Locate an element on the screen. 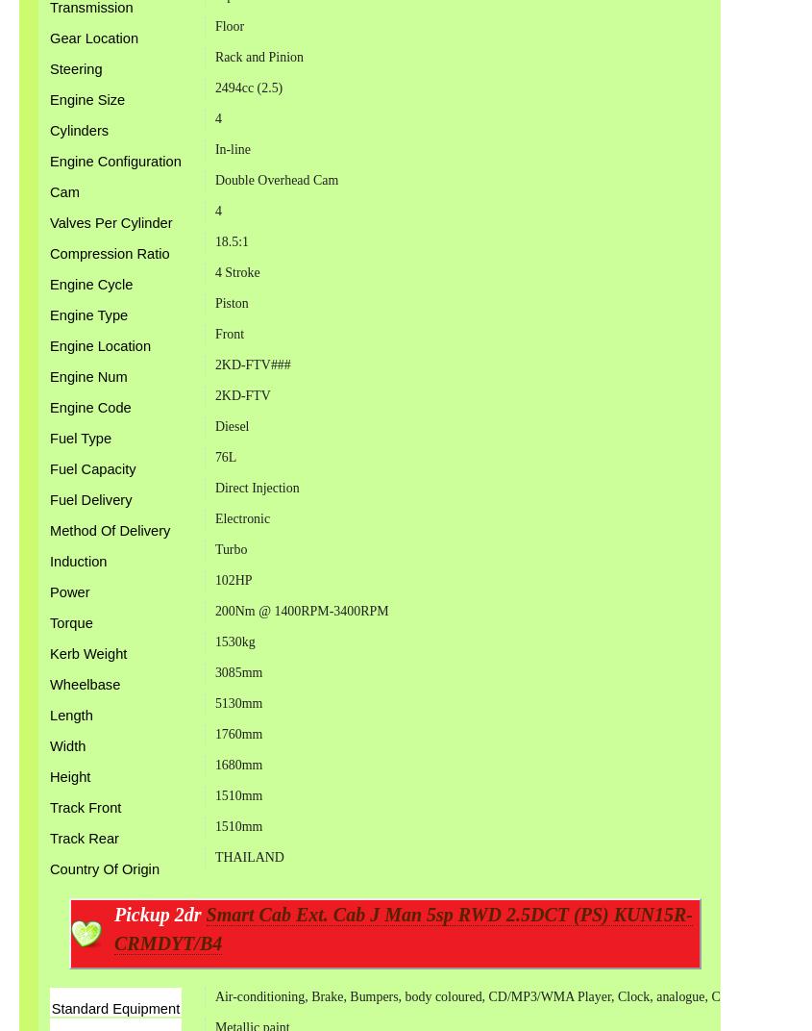 This screenshot has height=1031, width=812. 'Country Of Origin' is located at coordinates (105, 868).